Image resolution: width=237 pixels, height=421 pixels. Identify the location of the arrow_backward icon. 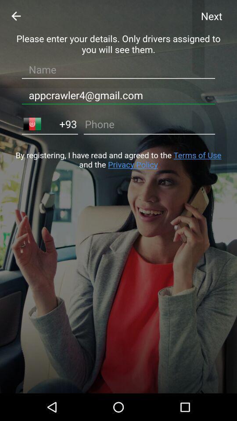
(16, 15).